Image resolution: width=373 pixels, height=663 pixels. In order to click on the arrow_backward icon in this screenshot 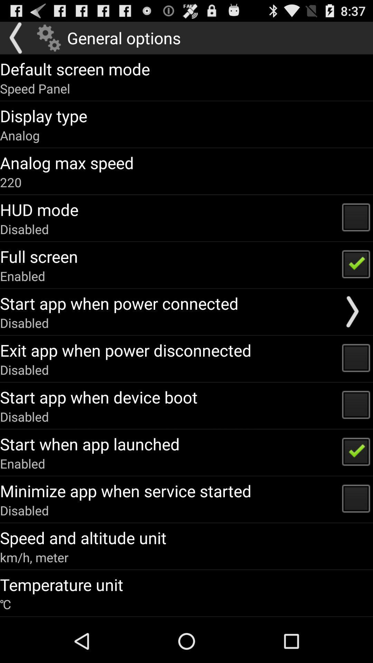, I will do `click(16, 40)`.